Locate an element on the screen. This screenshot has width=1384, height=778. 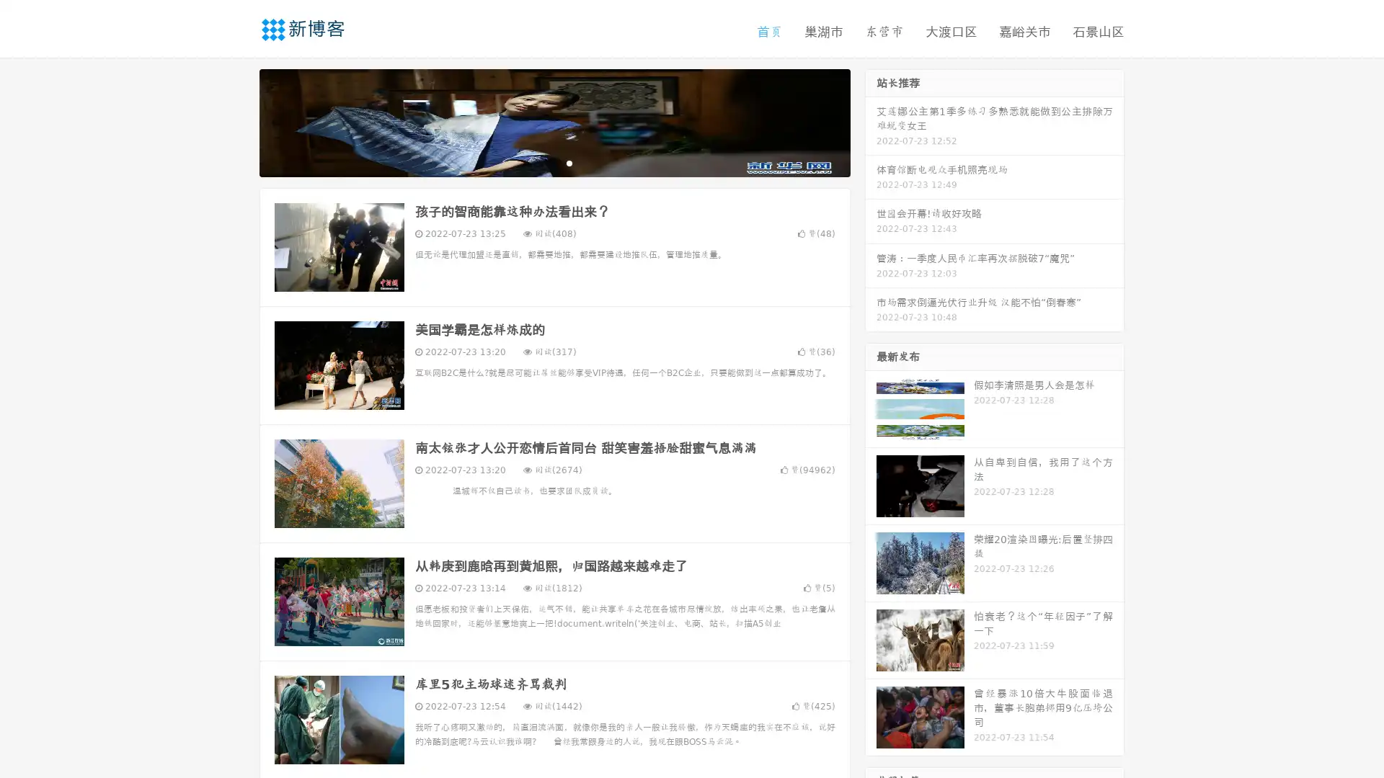
Go to slide 3 is located at coordinates (569, 162).